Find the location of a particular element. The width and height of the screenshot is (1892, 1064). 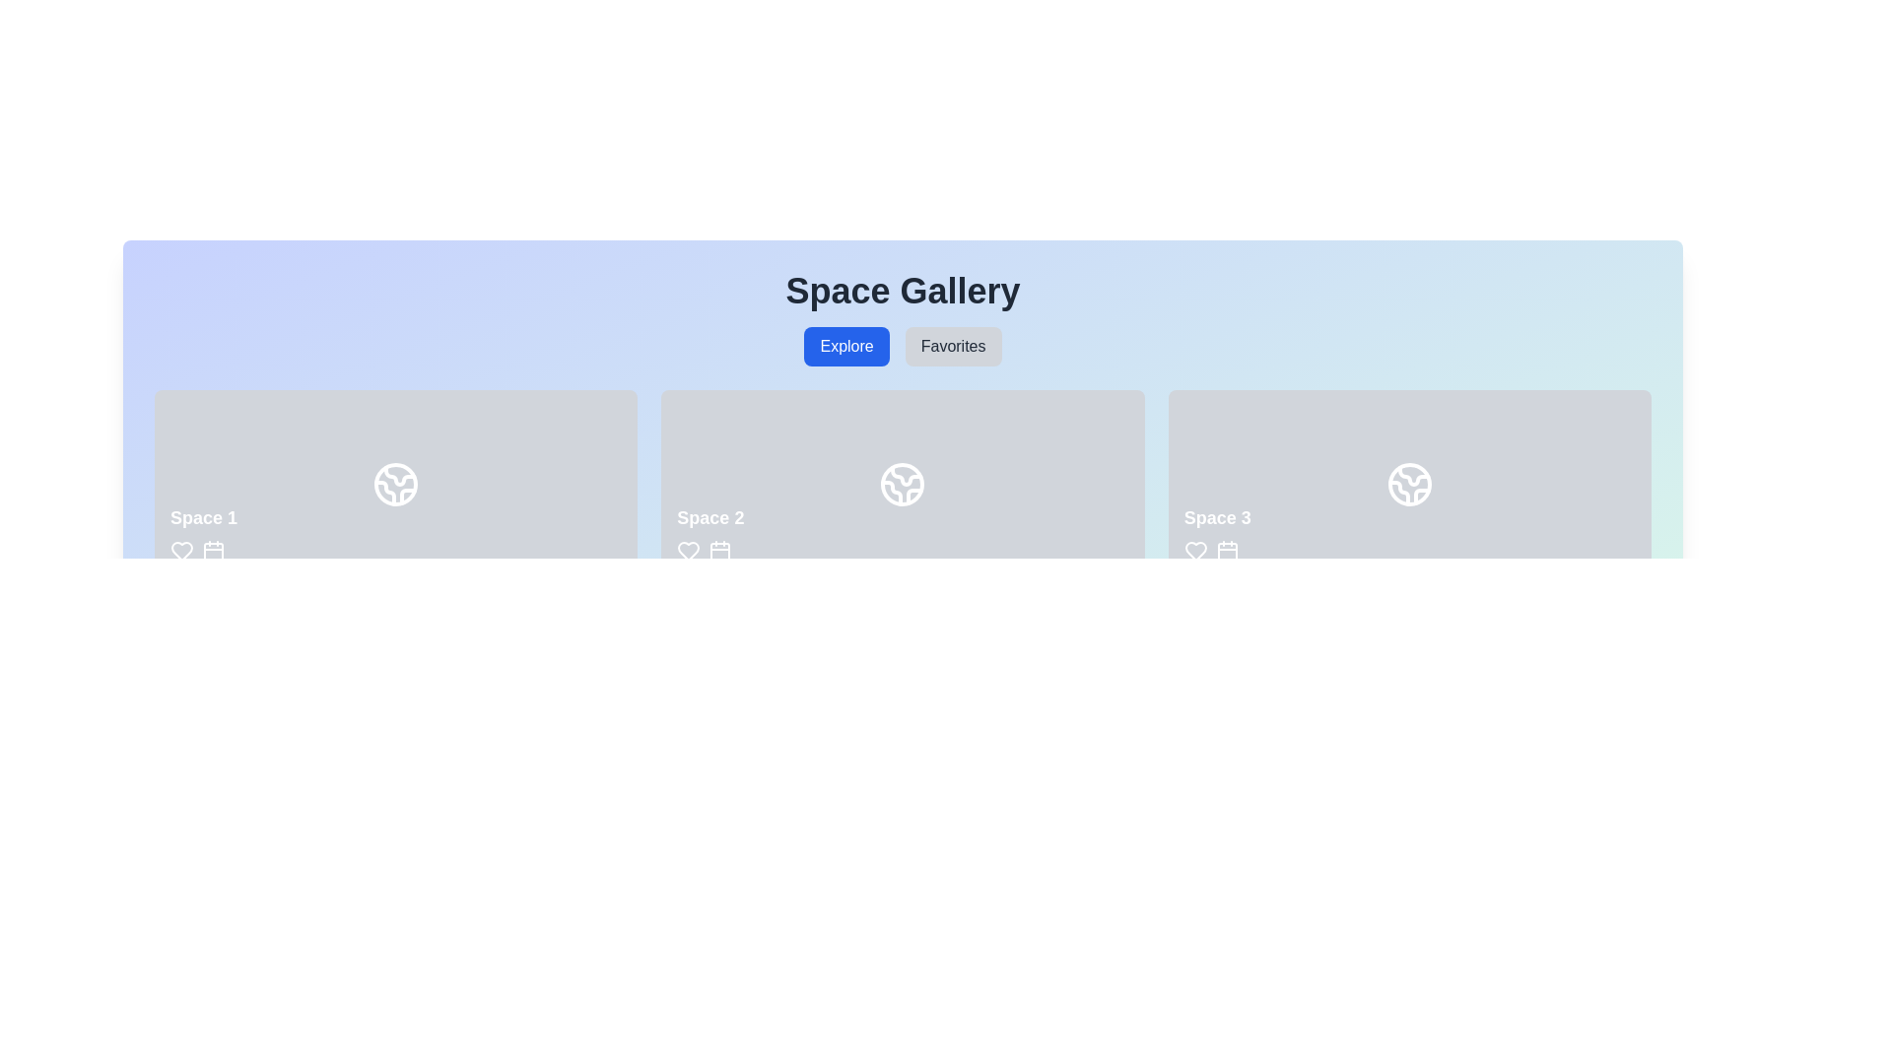

the decorative Icon component of the content card labeled 'Space 2', located in the center of the middle card in a row of three horizontally aligned cards is located at coordinates (902, 485).